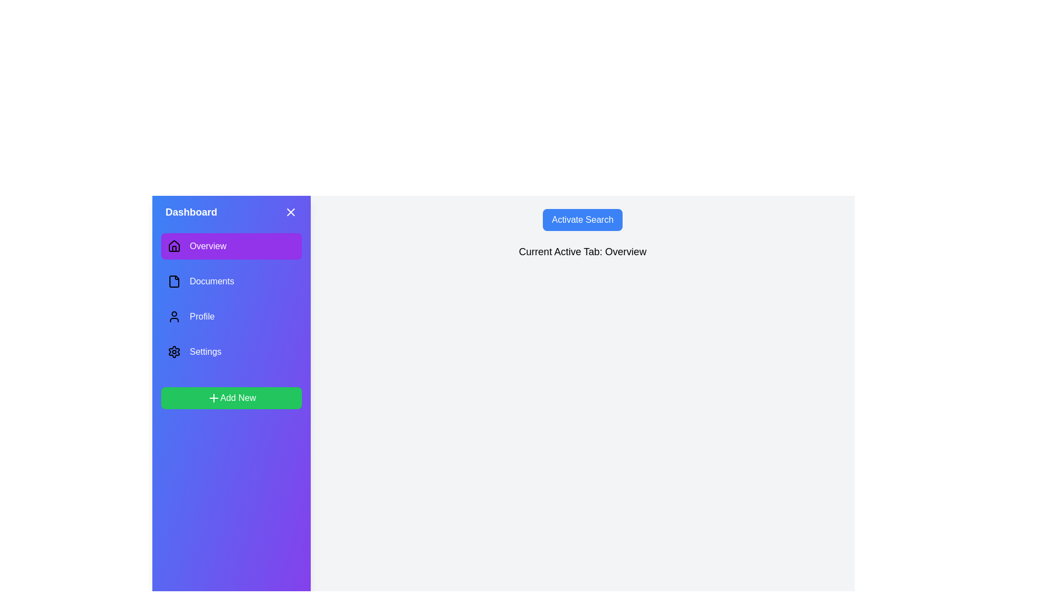 This screenshot has height=594, width=1056. Describe the element at coordinates (173, 352) in the screenshot. I see `the settings icon in the sidebar menu` at that location.